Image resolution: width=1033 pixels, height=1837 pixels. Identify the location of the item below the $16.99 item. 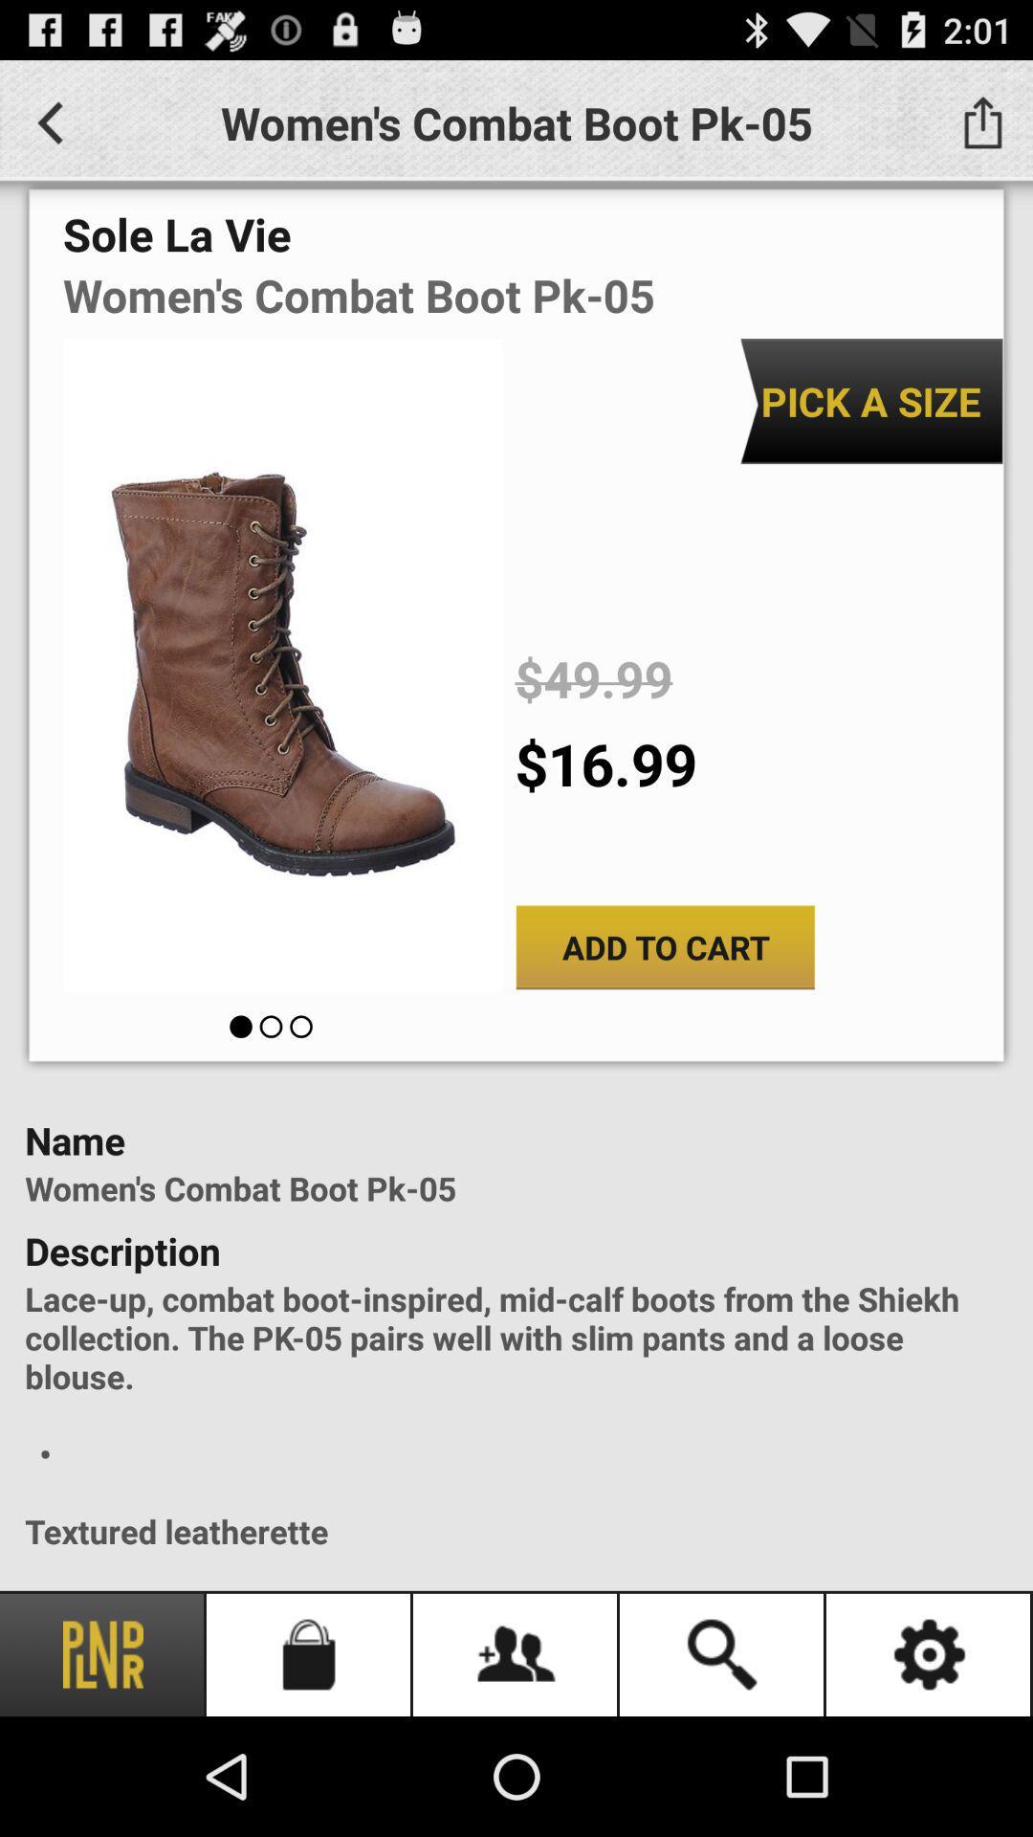
(664, 947).